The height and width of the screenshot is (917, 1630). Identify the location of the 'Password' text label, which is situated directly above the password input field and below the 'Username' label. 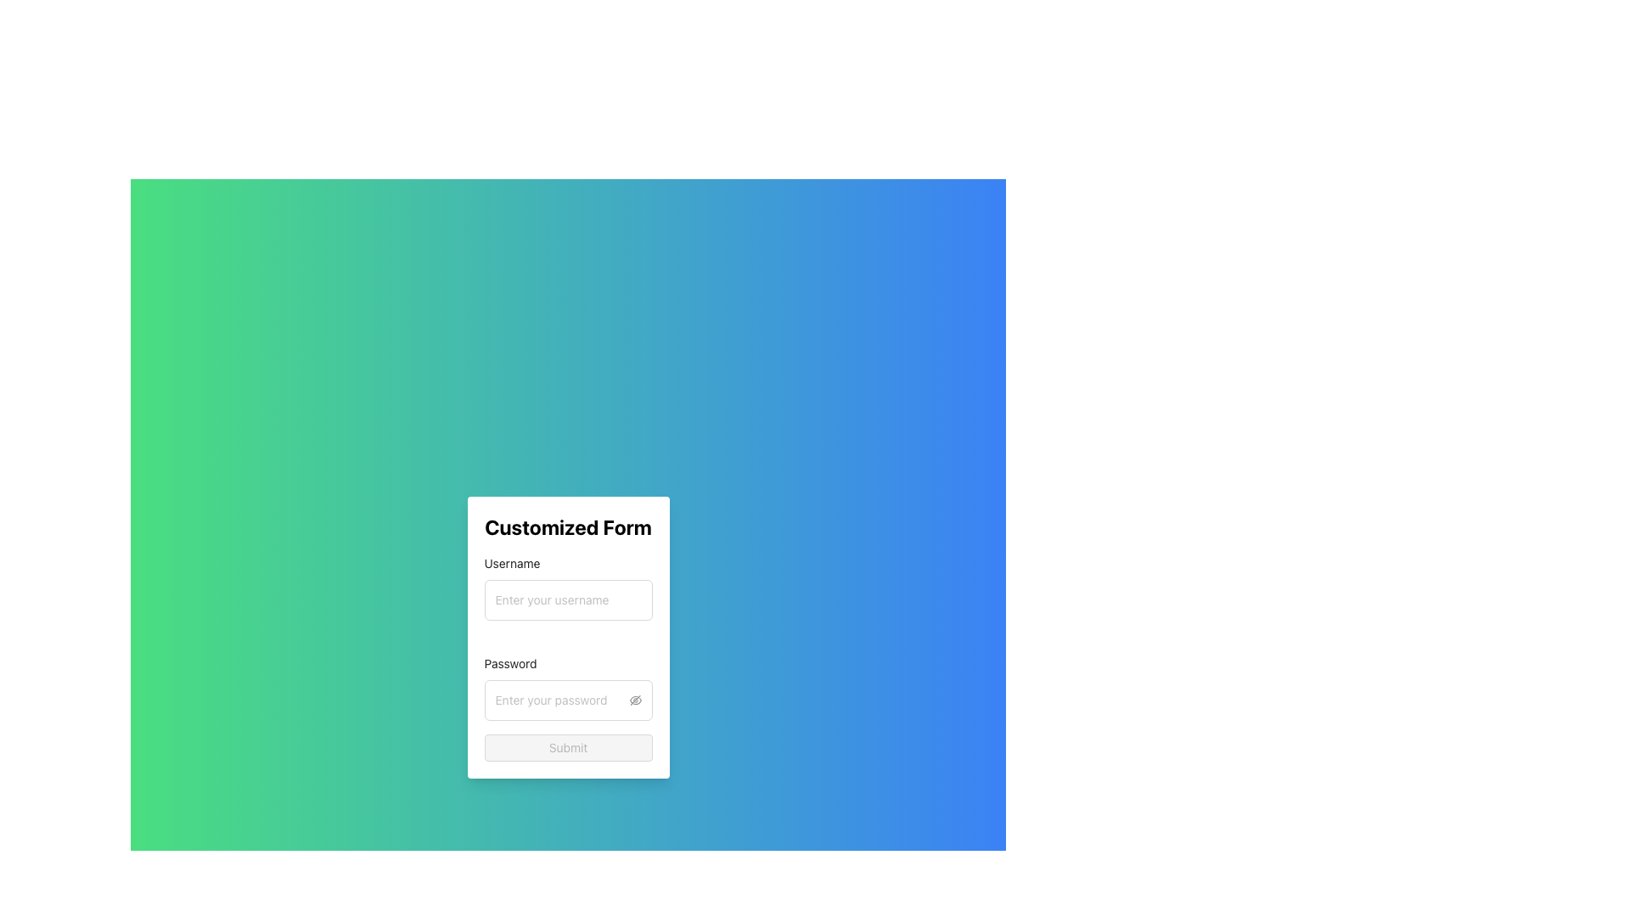
(515, 663).